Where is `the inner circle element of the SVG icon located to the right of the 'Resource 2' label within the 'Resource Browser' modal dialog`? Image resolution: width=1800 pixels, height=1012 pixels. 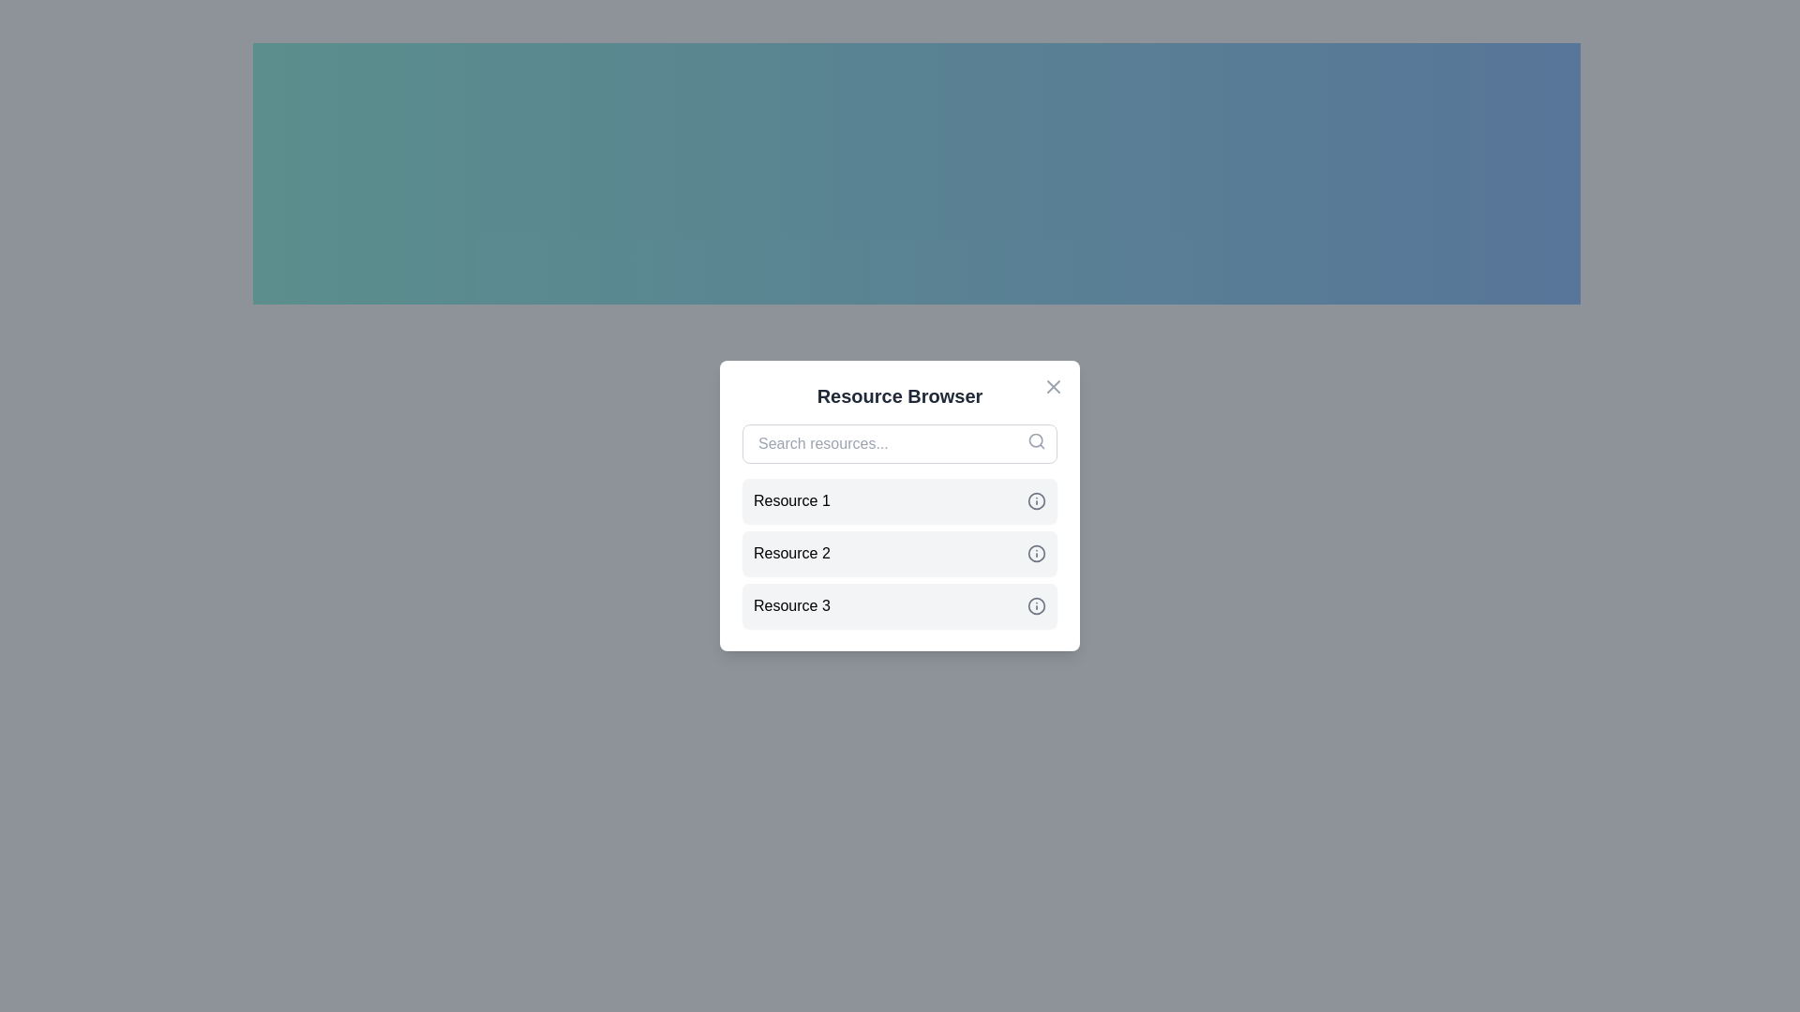
the inner circle element of the SVG icon located to the right of the 'Resource 2' label within the 'Resource Browser' modal dialog is located at coordinates (1035, 552).